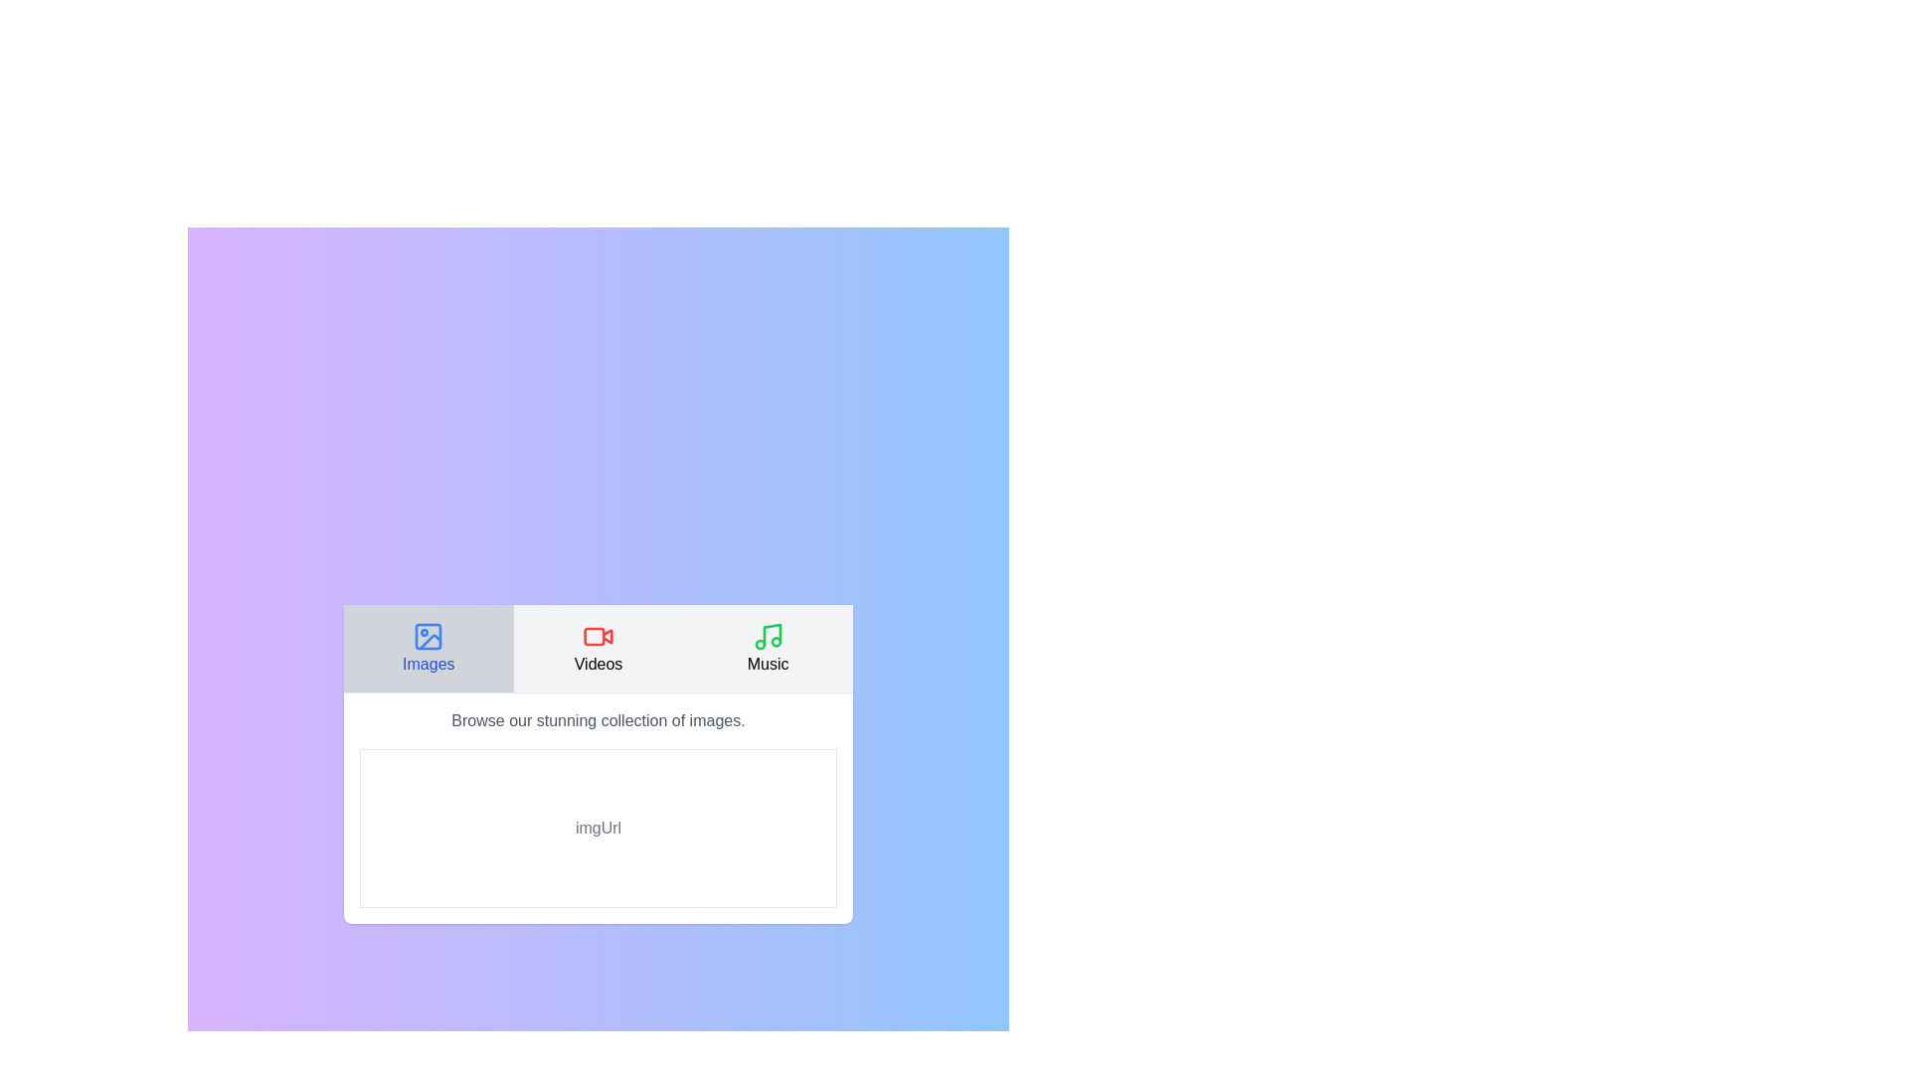  Describe the element at coordinates (597, 647) in the screenshot. I see `the Videos tab to view its content` at that location.